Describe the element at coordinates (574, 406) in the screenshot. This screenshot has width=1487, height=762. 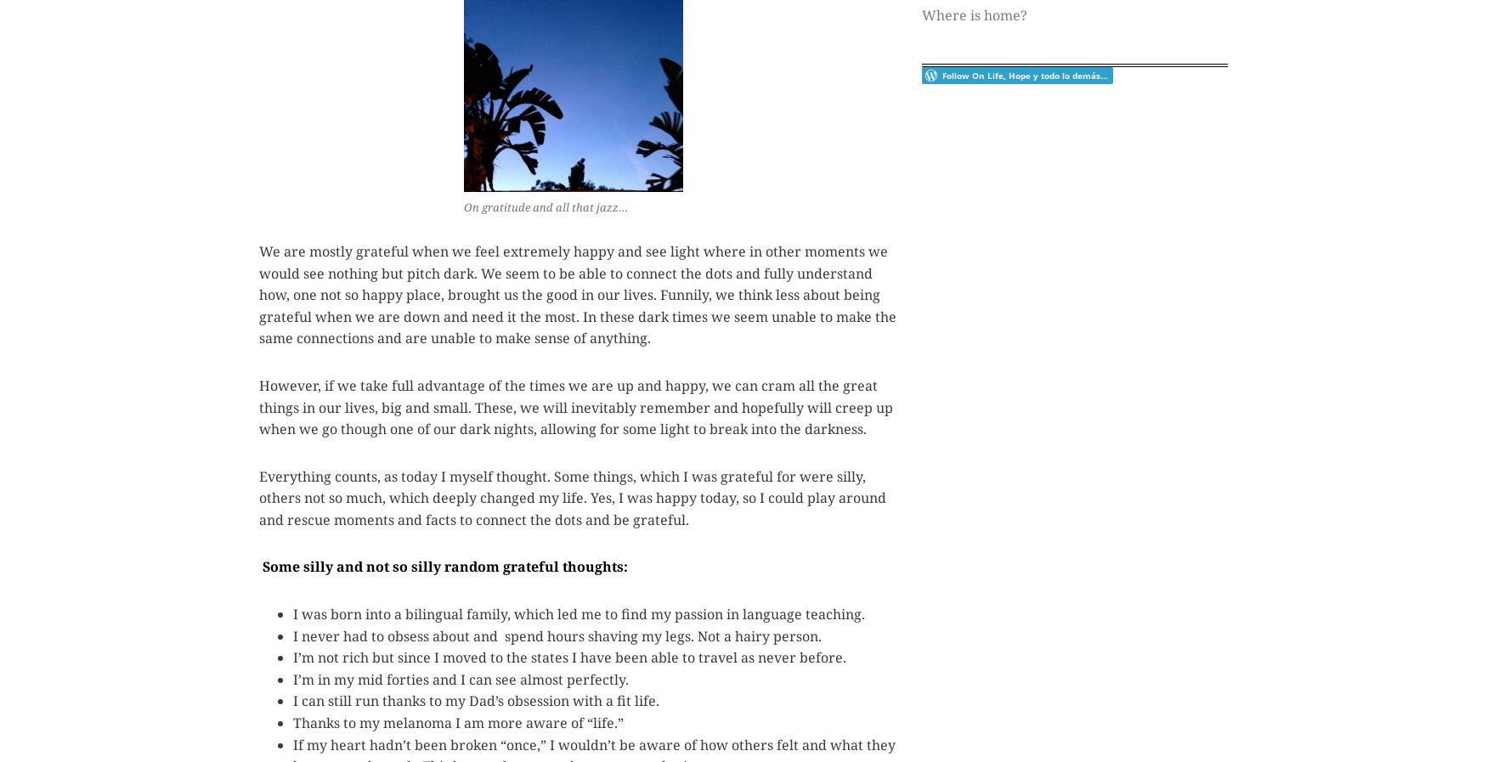
I see `'However, if we take full advantage of the times we are up and happy, we can cram all the great things in our lives, big and small. These, we will inevitably remember and hopefully will creep up when we go though one of our dark nights, allowing for some light to break into the darkness.'` at that location.